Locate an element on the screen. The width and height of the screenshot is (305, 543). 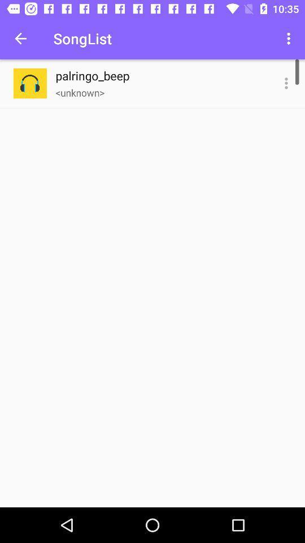
the icon next to songlist icon is located at coordinates (20, 38).